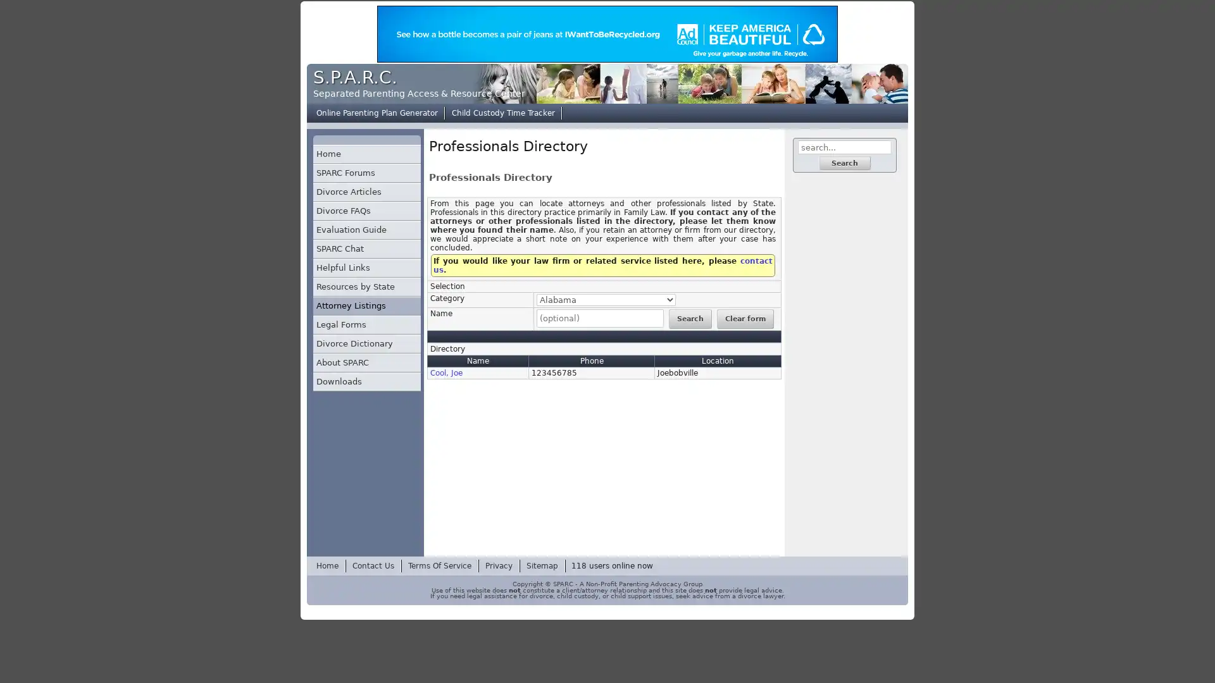  I want to click on Search, so click(688, 318).